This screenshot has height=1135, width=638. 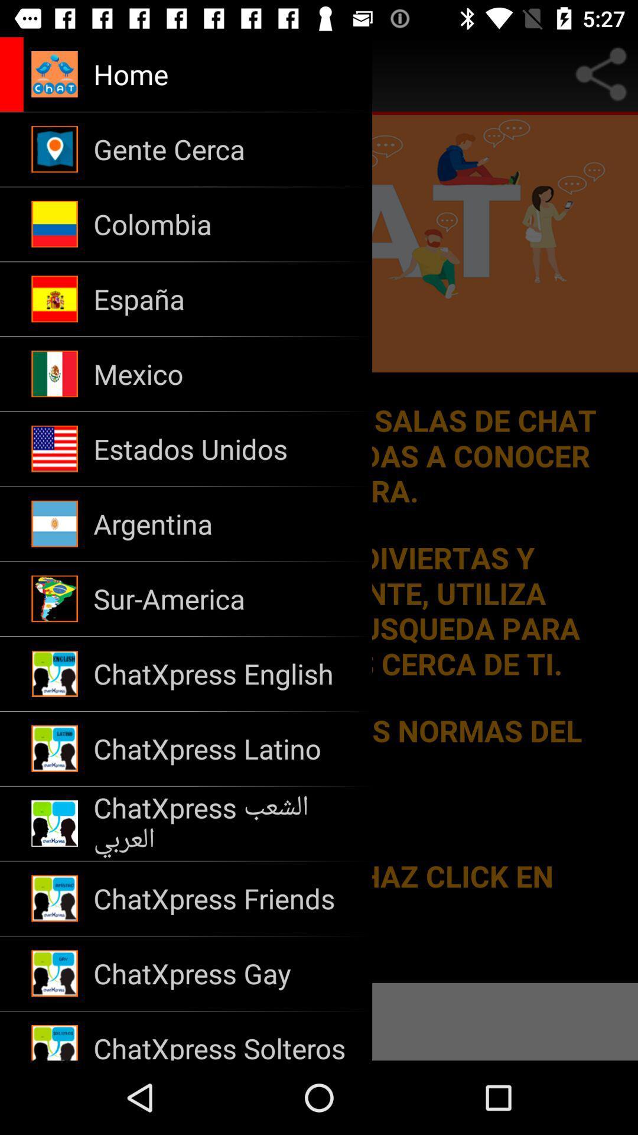 What do you see at coordinates (225, 448) in the screenshot?
I see `the app below mexico icon` at bounding box center [225, 448].